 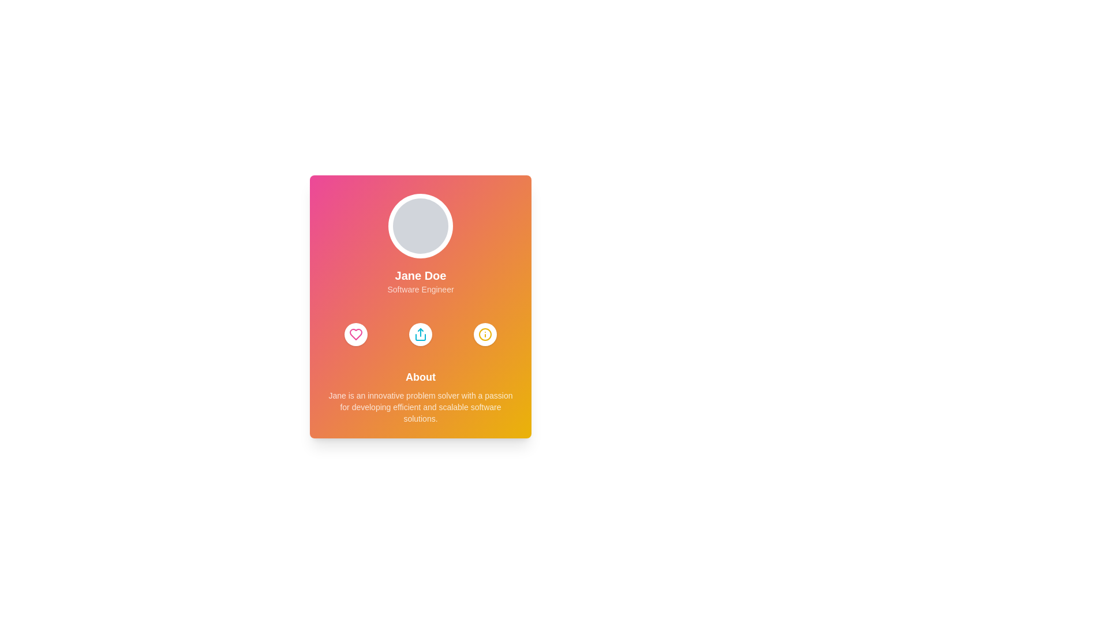 What do you see at coordinates (420, 288) in the screenshot?
I see `the text label reading 'Software Engineer', which is styled with a small font size and semi-transparent appearance, located below 'Jane Doe' in the profile section` at bounding box center [420, 288].